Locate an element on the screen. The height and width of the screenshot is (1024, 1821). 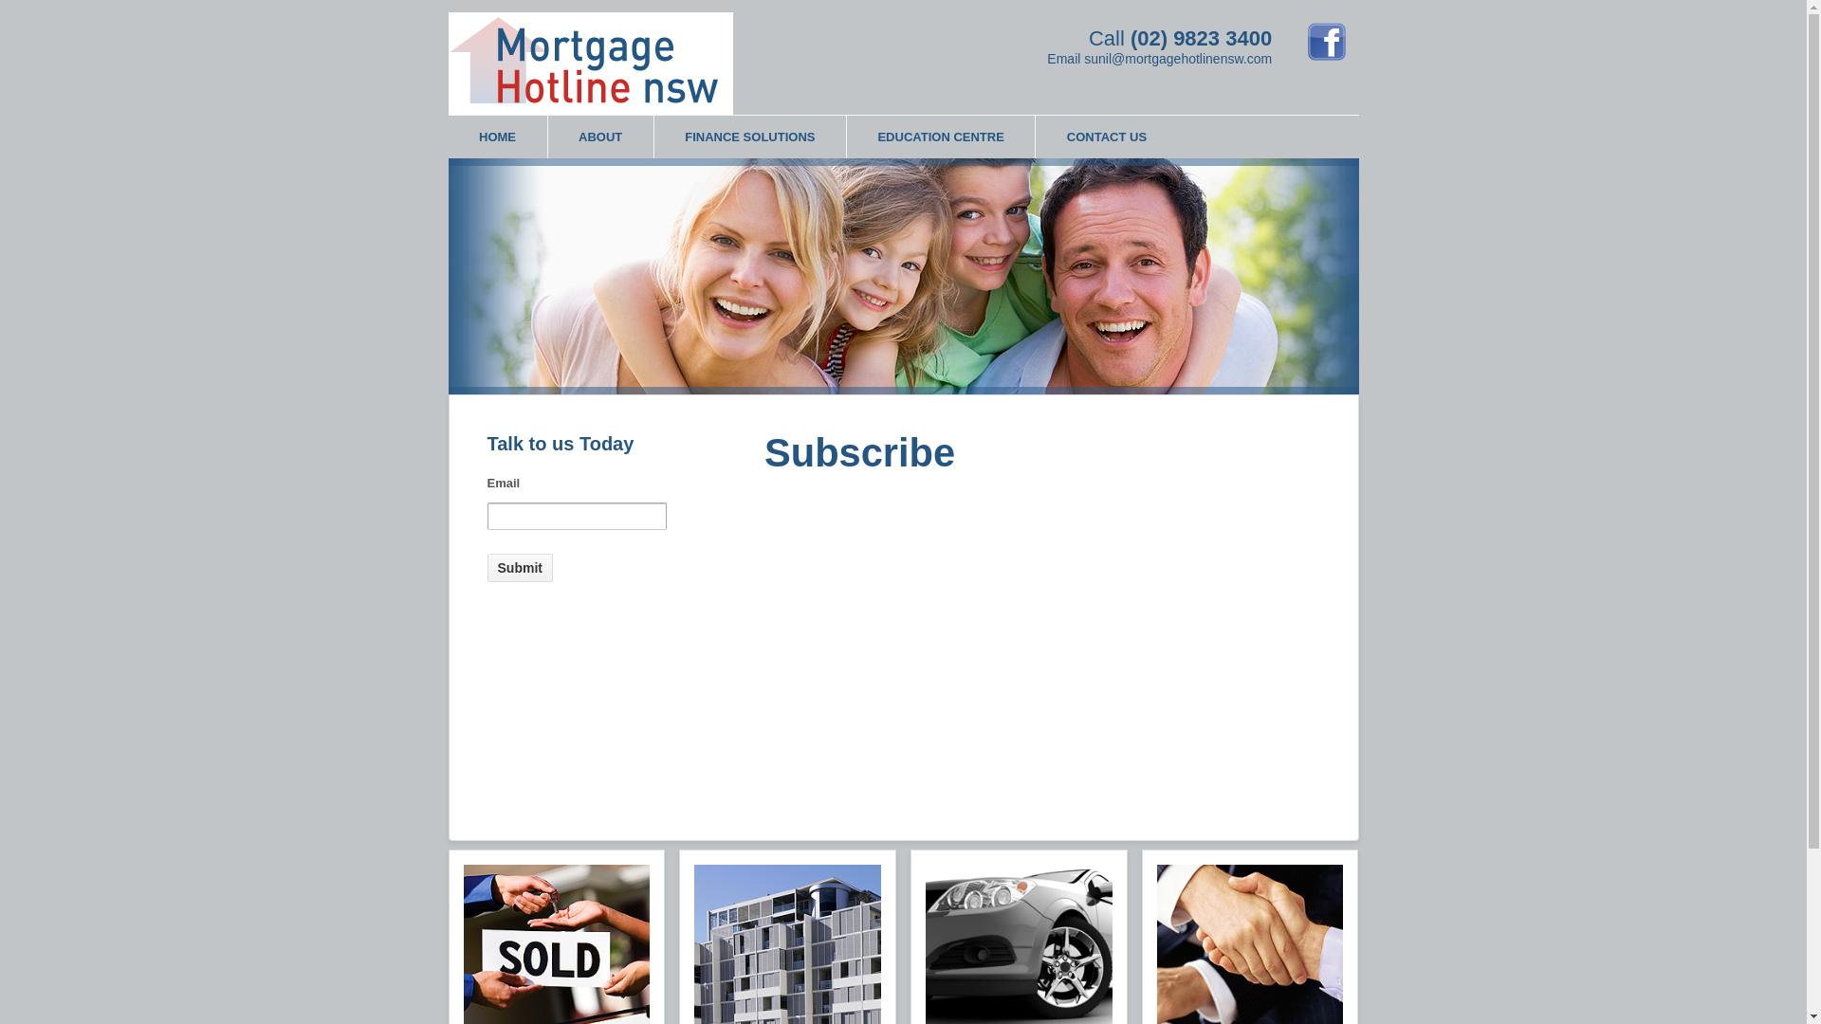
'HOME' is located at coordinates (446, 136).